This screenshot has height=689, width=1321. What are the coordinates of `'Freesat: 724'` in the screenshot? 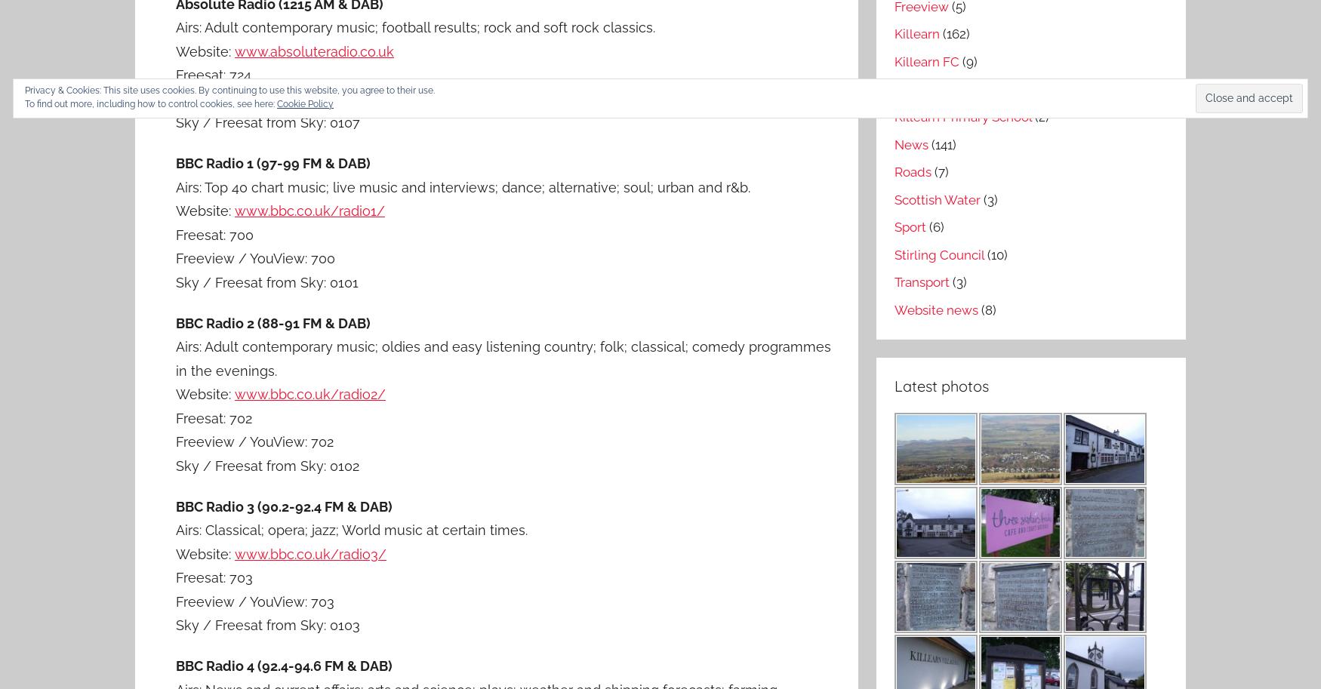 It's located at (212, 75).